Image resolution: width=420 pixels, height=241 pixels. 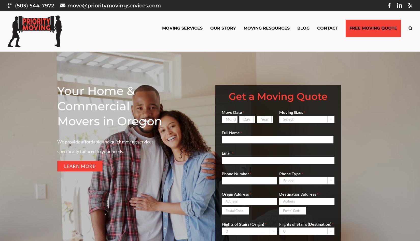 I want to click on 'Choosing a Mover', so click(x=265, y=66).